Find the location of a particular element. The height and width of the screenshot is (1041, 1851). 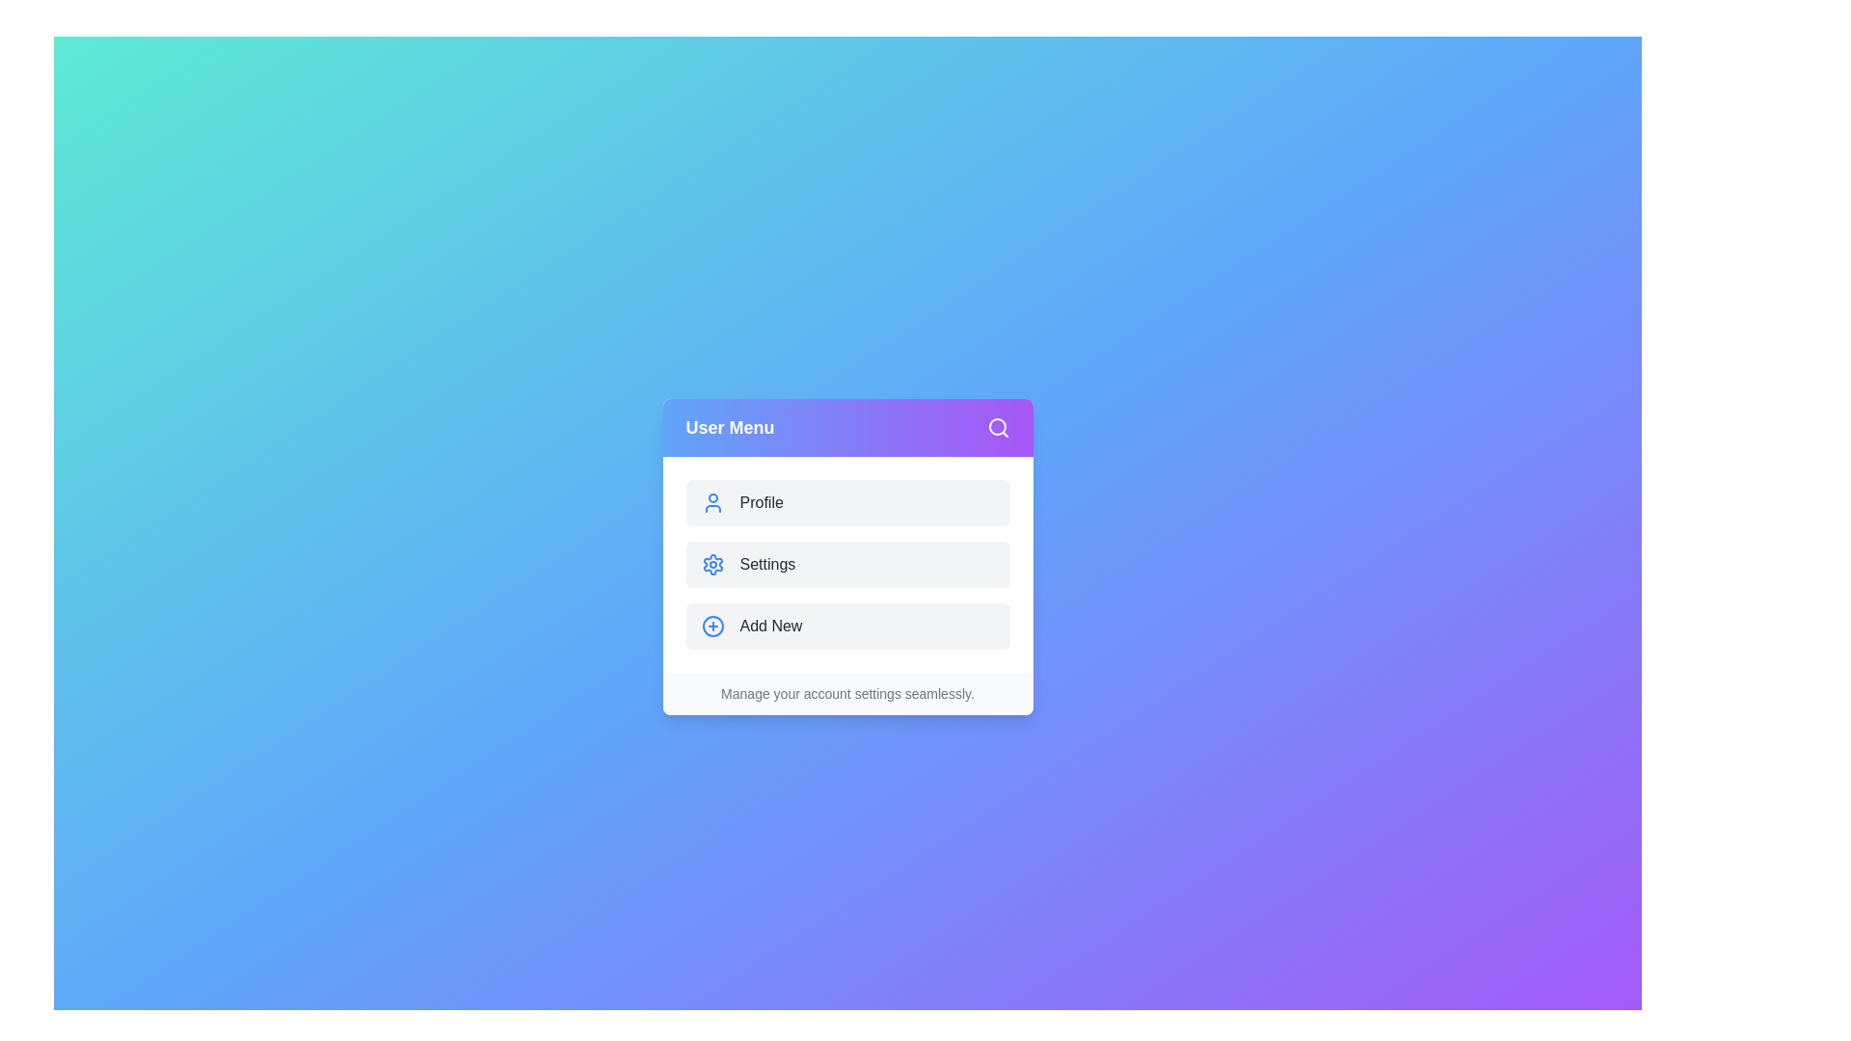

the Profile button to observe its hover effect is located at coordinates (847, 501).